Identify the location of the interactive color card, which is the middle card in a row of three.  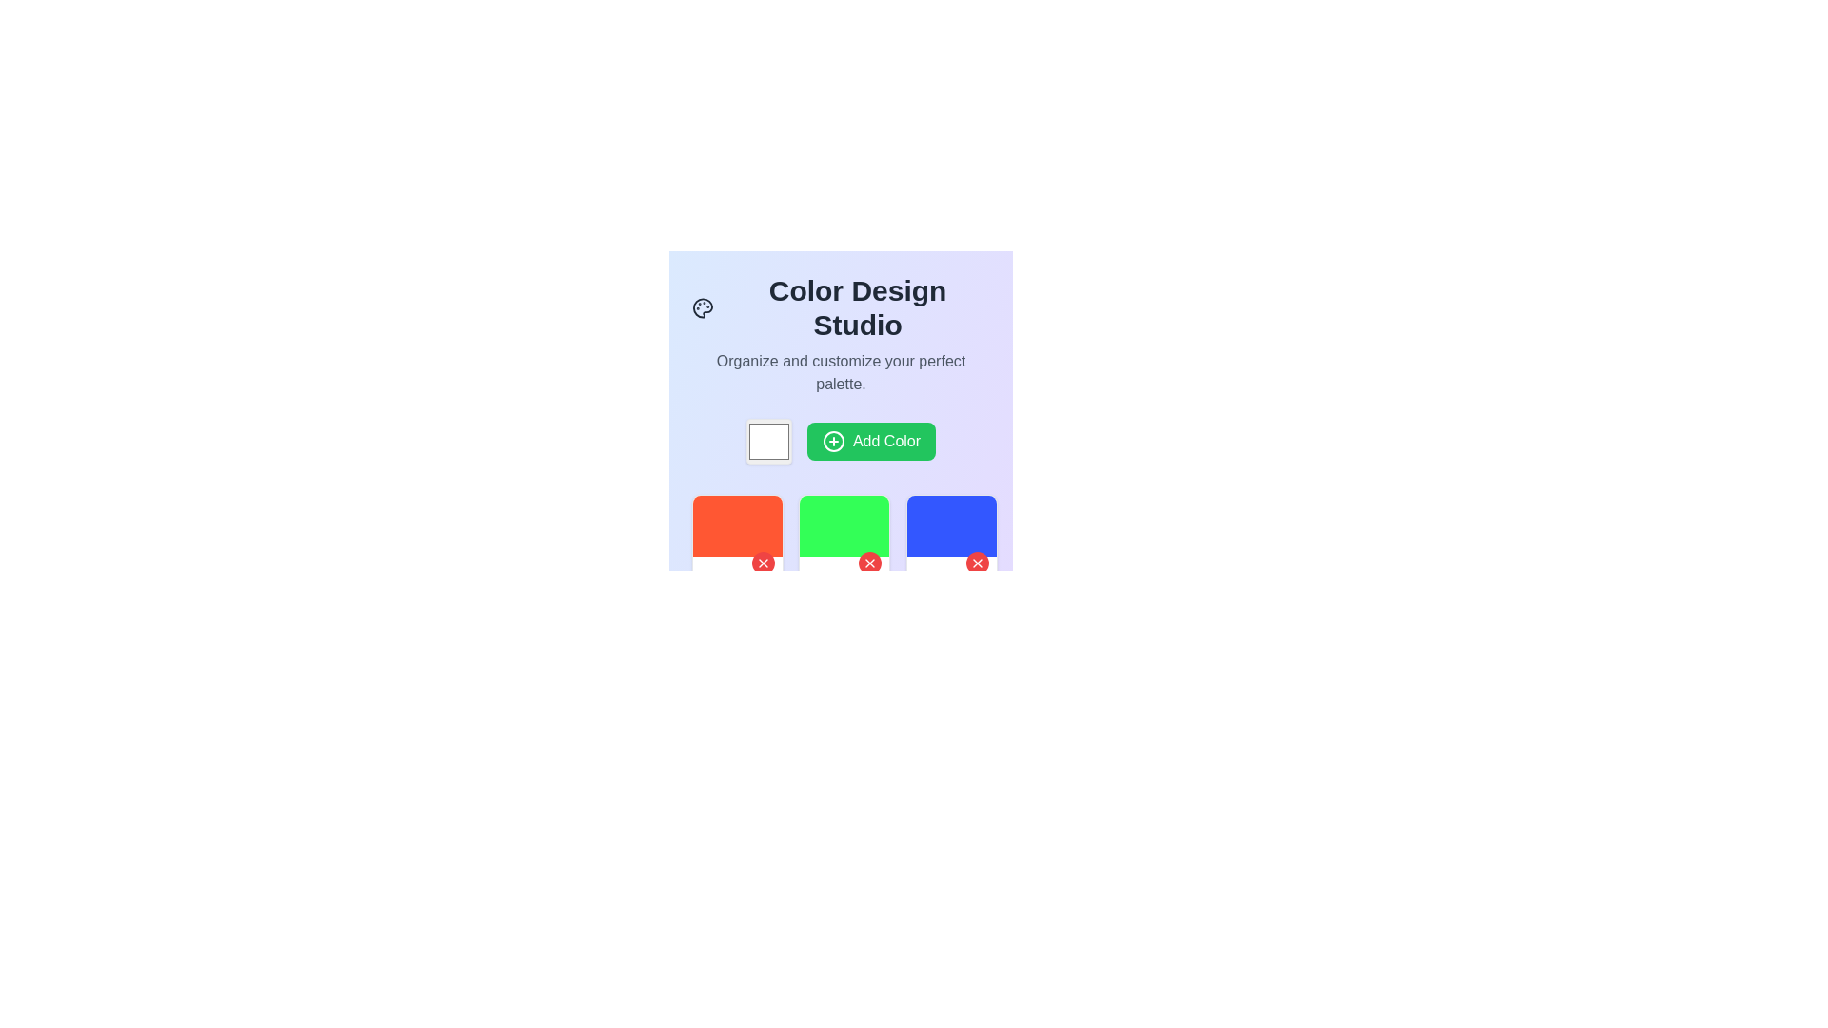
(844, 540).